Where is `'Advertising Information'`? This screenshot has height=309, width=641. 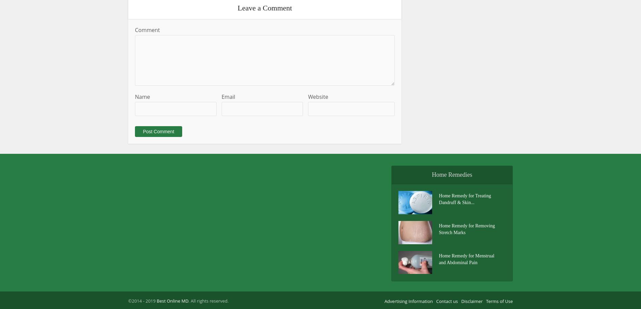 'Advertising Information' is located at coordinates (408, 301).